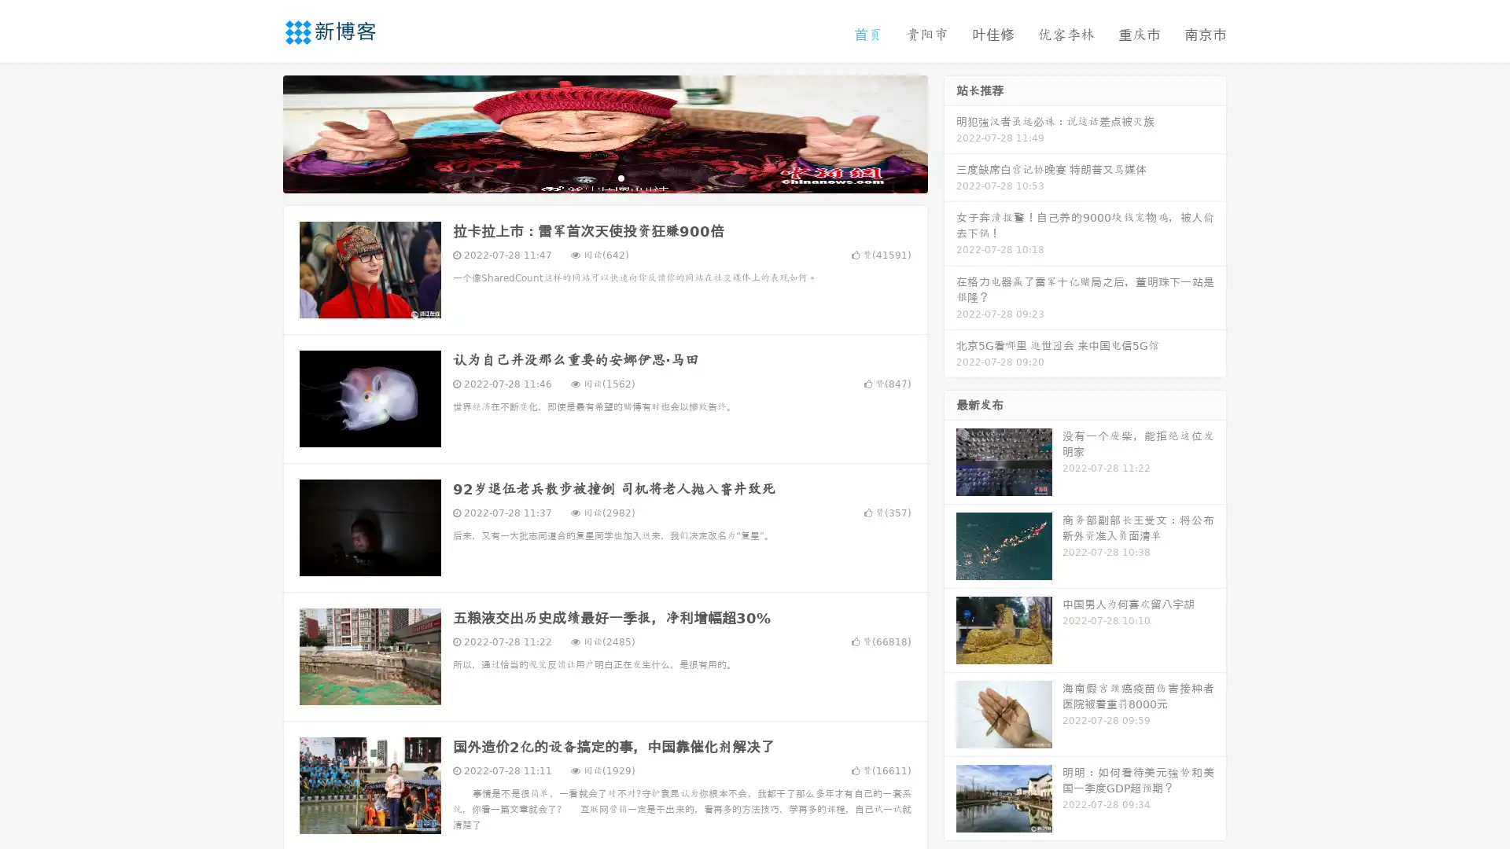 This screenshot has width=1510, height=849. What do you see at coordinates (588, 177) in the screenshot?
I see `Go to slide 1` at bounding box center [588, 177].